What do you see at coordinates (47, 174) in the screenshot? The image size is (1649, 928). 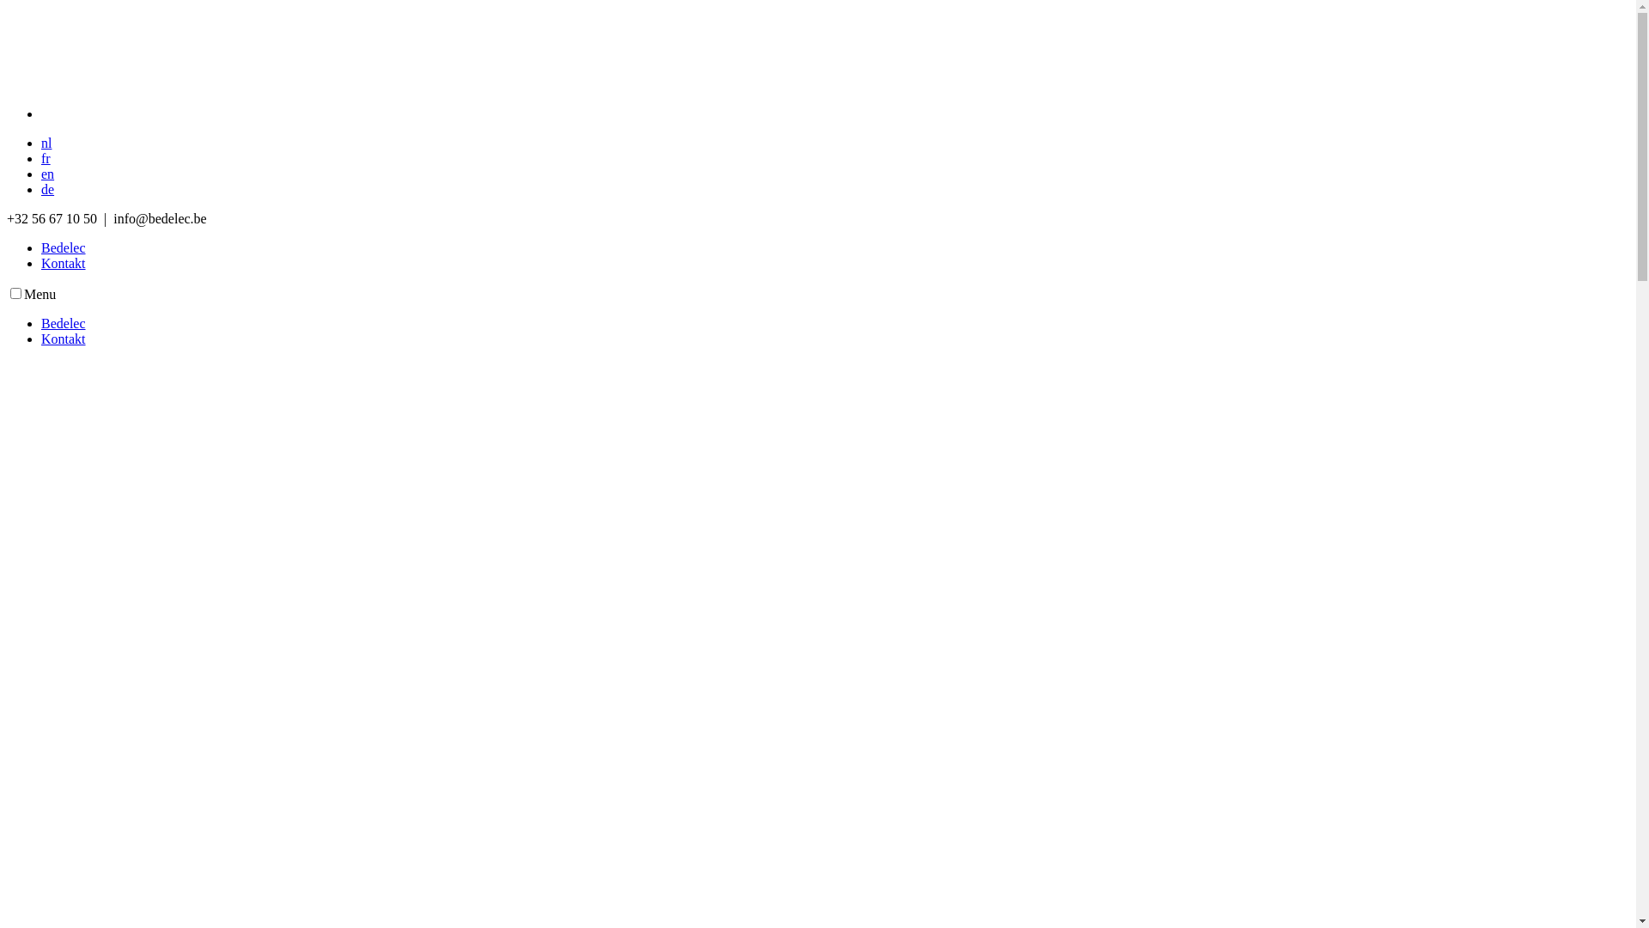 I see `'en'` at bounding box center [47, 174].